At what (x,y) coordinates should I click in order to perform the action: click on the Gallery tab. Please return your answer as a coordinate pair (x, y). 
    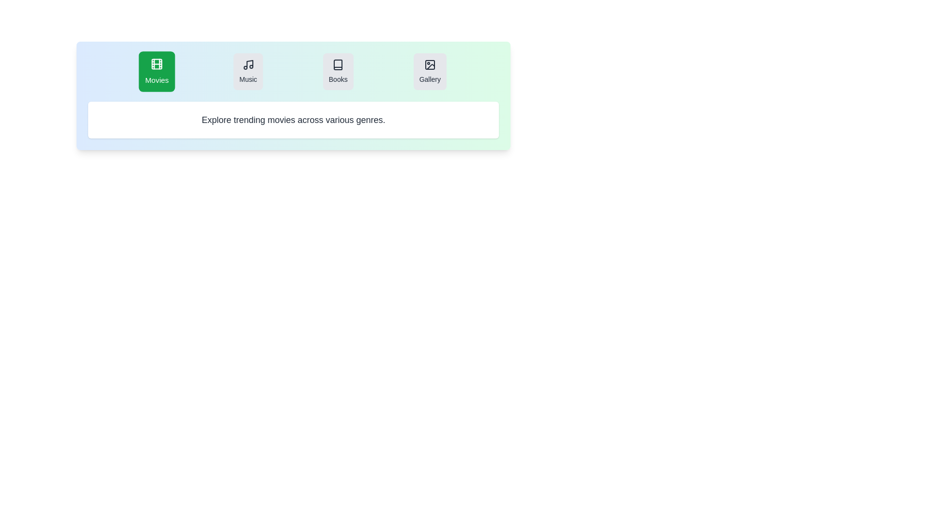
    Looking at the image, I should click on (429, 71).